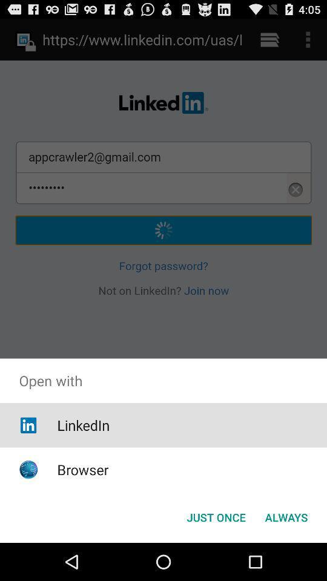 The height and width of the screenshot is (581, 327). What do you see at coordinates (216, 516) in the screenshot?
I see `the item to the left of the always` at bounding box center [216, 516].